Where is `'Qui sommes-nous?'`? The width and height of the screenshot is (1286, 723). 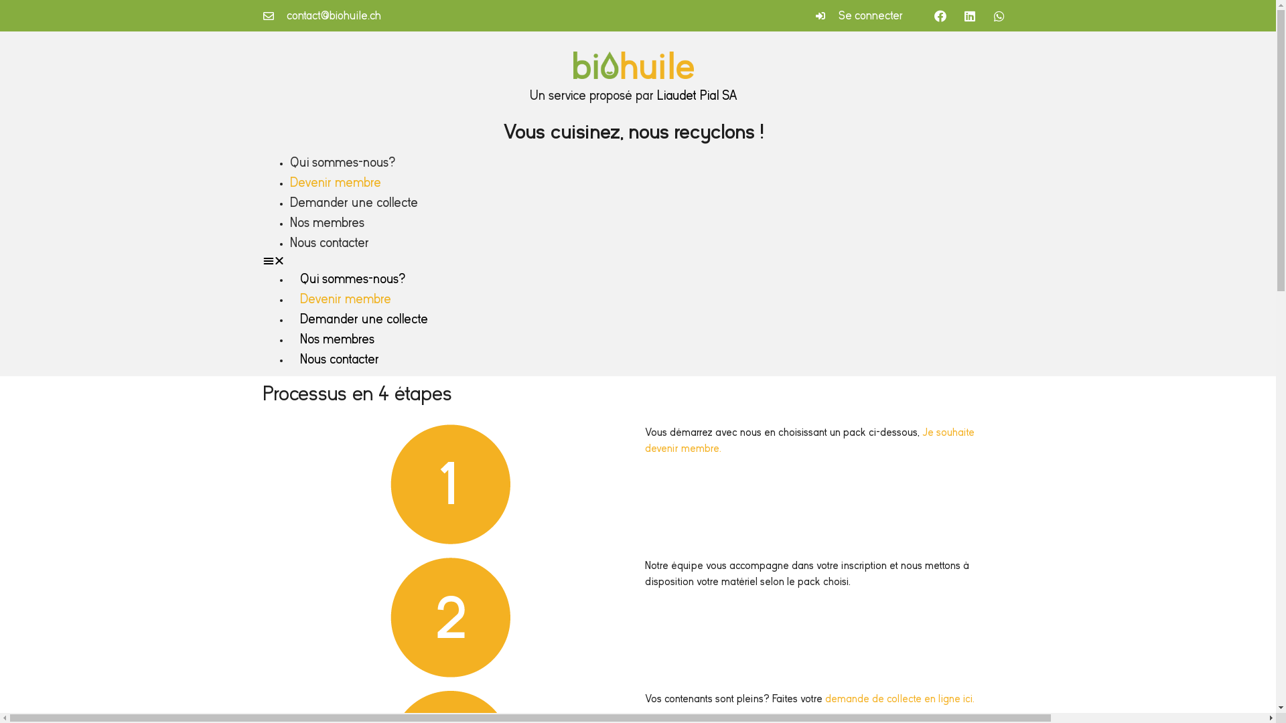 'Qui sommes-nous?' is located at coordinates (352, 278).